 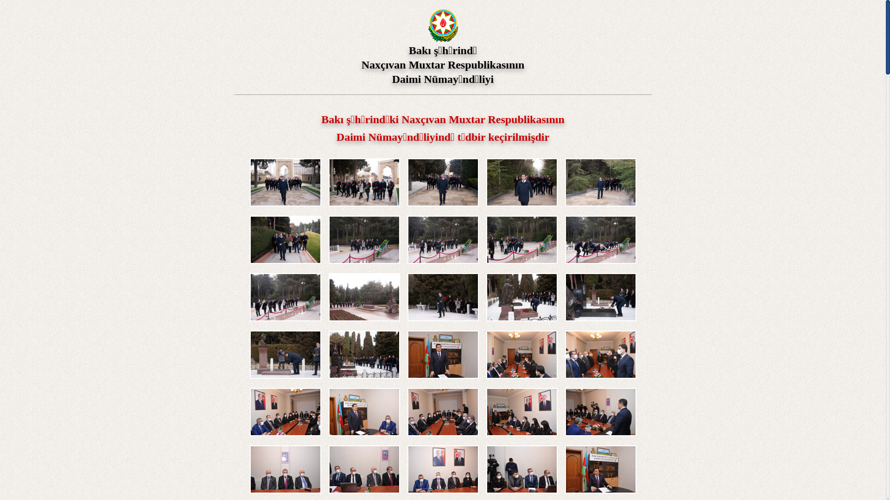 What do you see at coordinates (363, 412) in the screenshot?
I see `'Click to enlarge'` at bounding box center [363, 412].